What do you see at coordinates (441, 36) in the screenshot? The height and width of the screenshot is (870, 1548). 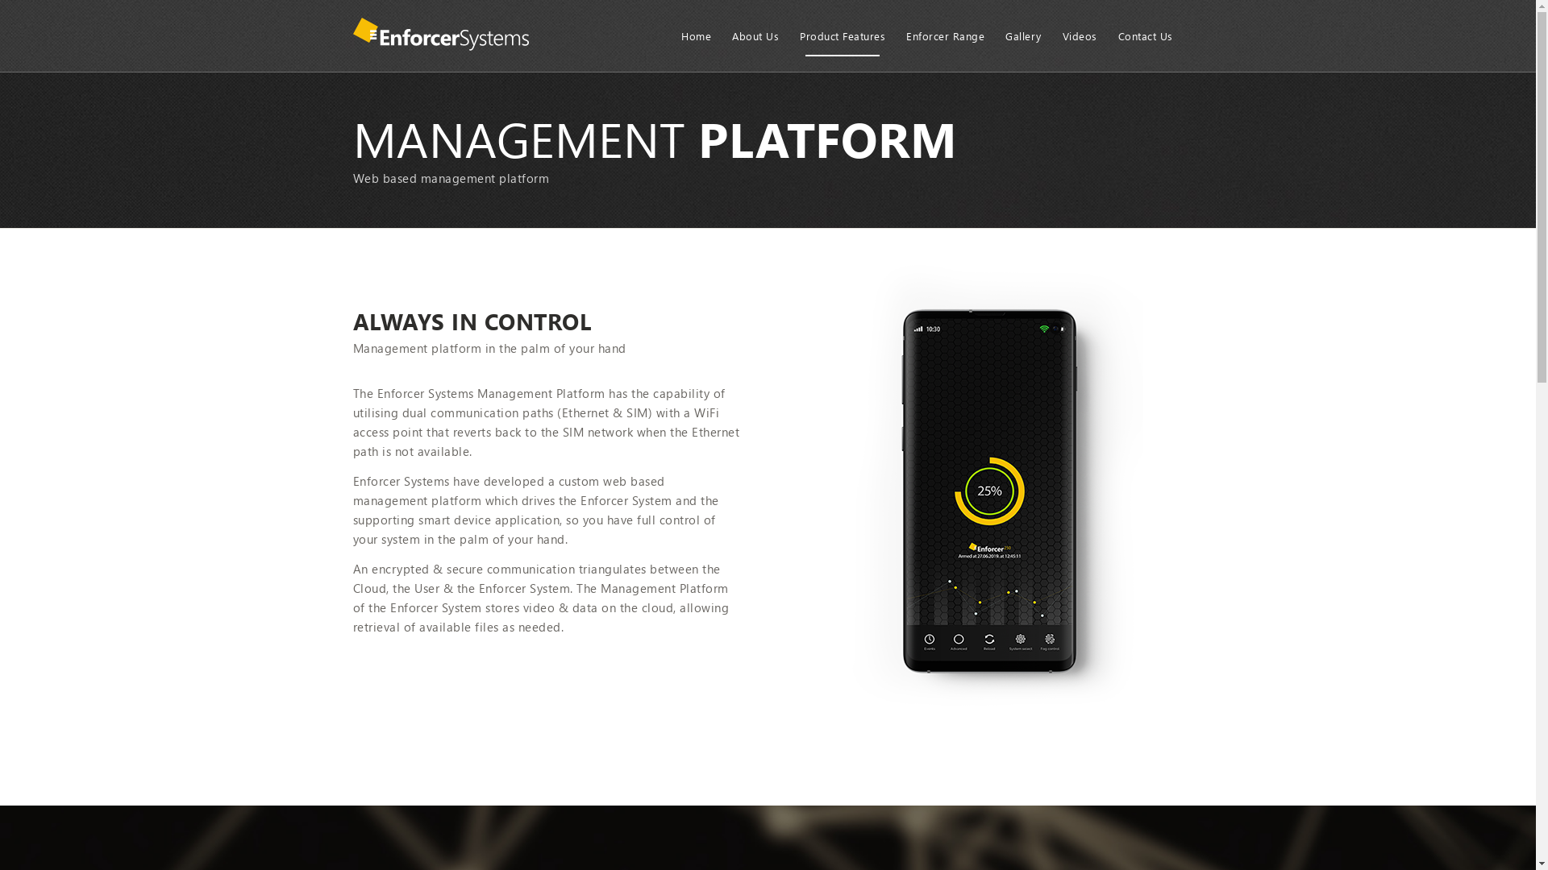 I see `'Enforcer-logo-svg-white2'` at bounding box center [441, 36].